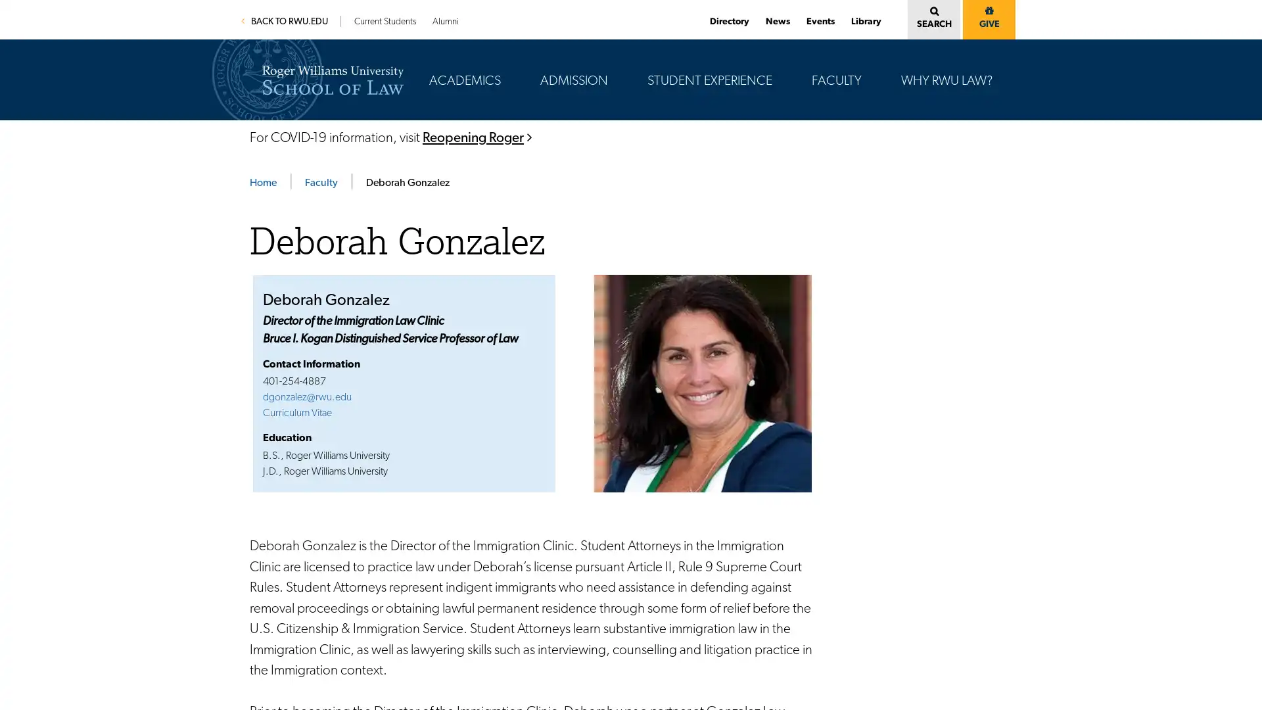  Describe the element at coordinates (997, 41) in the screenshot. I see `Open the Why RWU Law? menu` at that location.